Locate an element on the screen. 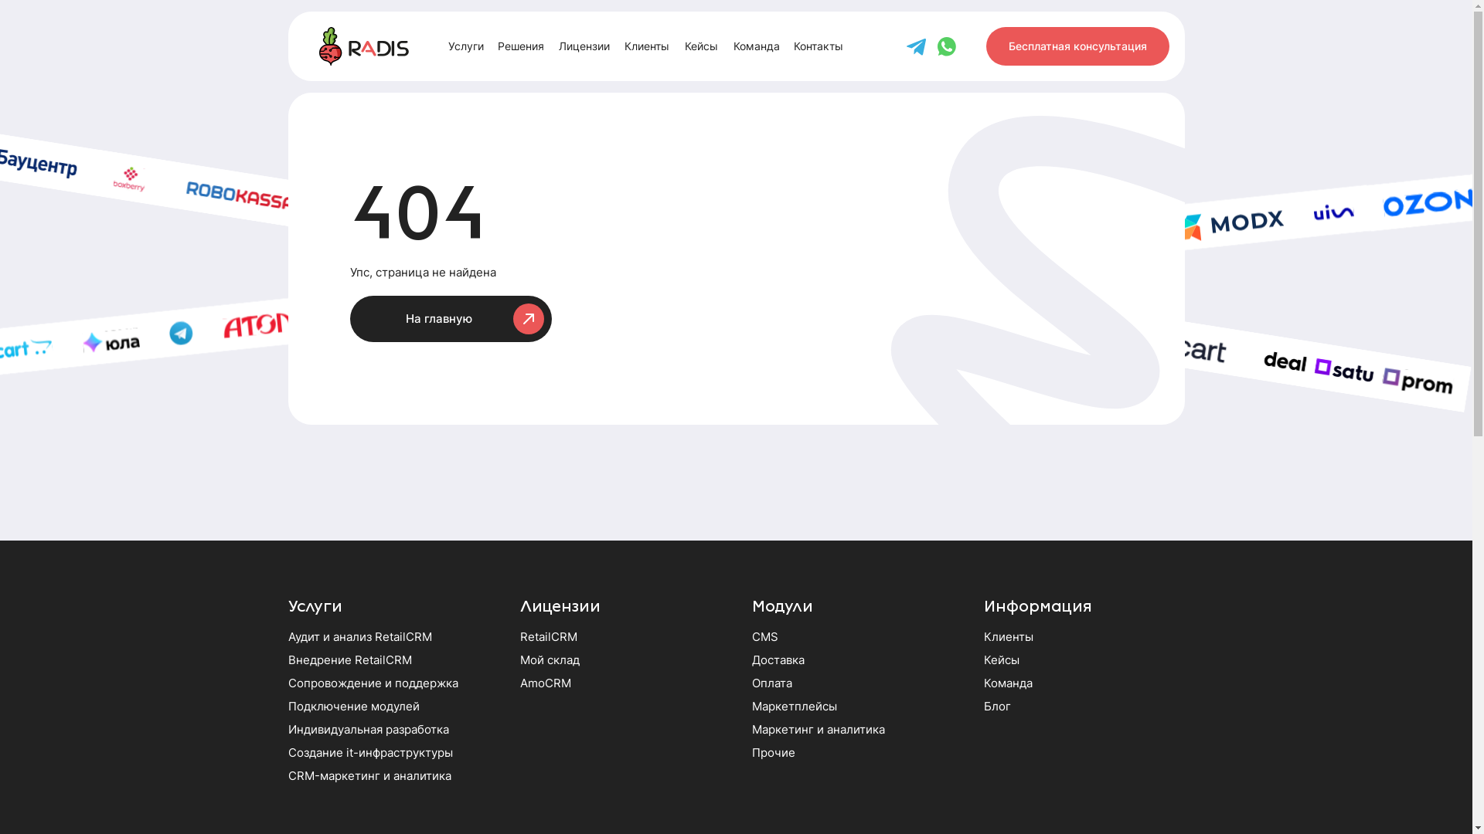 The image size is (1484, 834). 'AmoCRM' is located at coordinates (545, 682).